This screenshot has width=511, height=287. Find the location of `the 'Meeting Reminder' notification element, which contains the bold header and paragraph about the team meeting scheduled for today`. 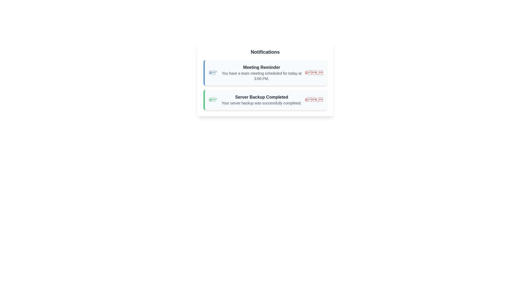

the 'Meeting Reminder' notification element, which contains the bold header and paragraph about the team meeting scheduled for today is located at coordinates (262, 73).